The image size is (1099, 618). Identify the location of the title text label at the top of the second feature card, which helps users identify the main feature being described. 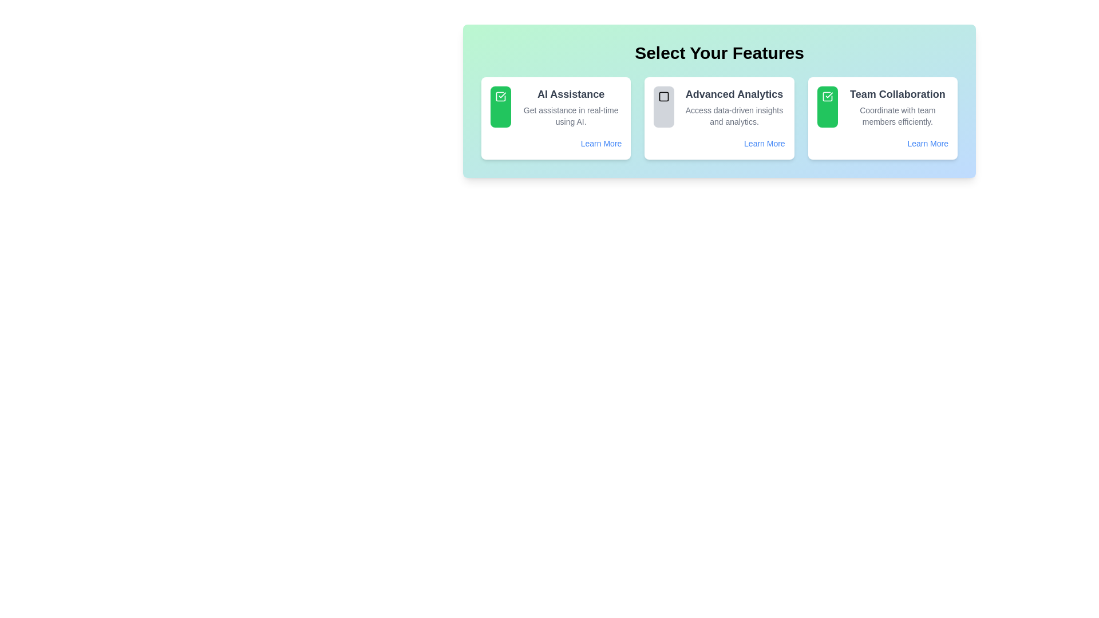
(734, 94).